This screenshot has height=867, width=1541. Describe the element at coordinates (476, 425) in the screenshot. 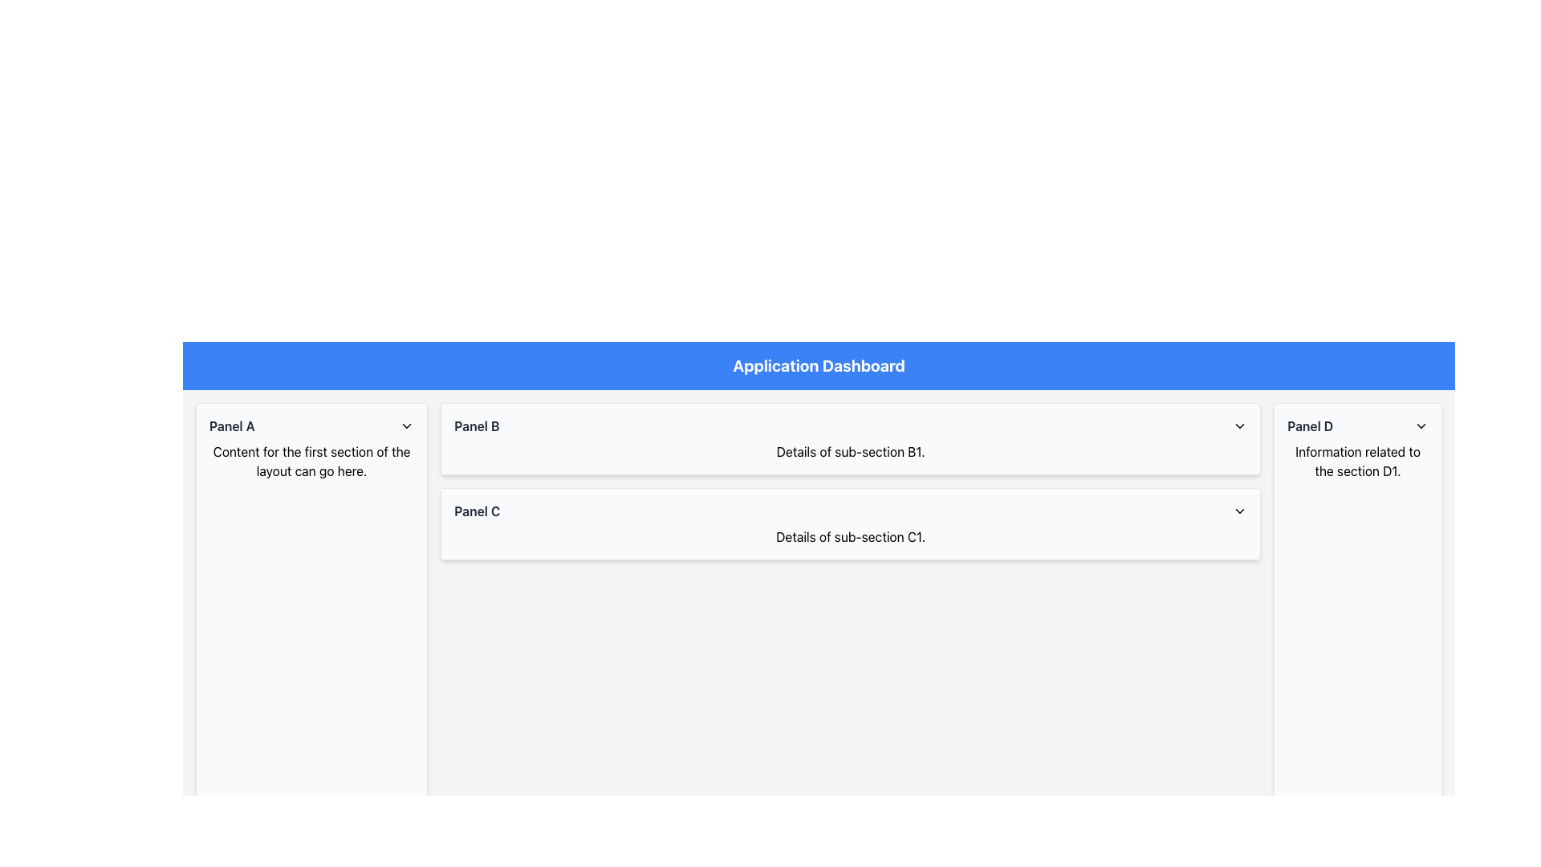

I see `the text label 'Panel B' to interact with the associated panel` at that location.